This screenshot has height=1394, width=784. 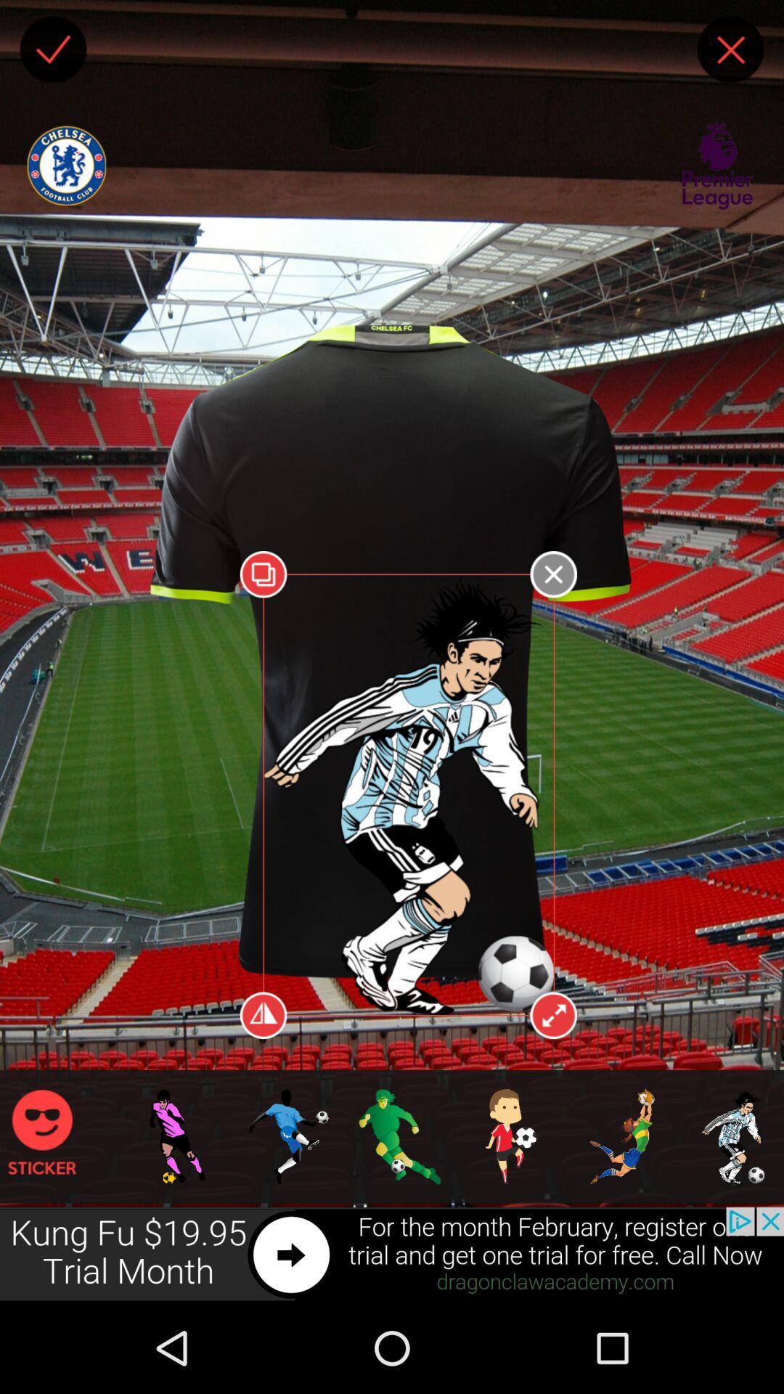 What do you see at coordinates (392, 1254) in the screenshot?
I see `click for advertisement` at bounding box center [392, 1254].